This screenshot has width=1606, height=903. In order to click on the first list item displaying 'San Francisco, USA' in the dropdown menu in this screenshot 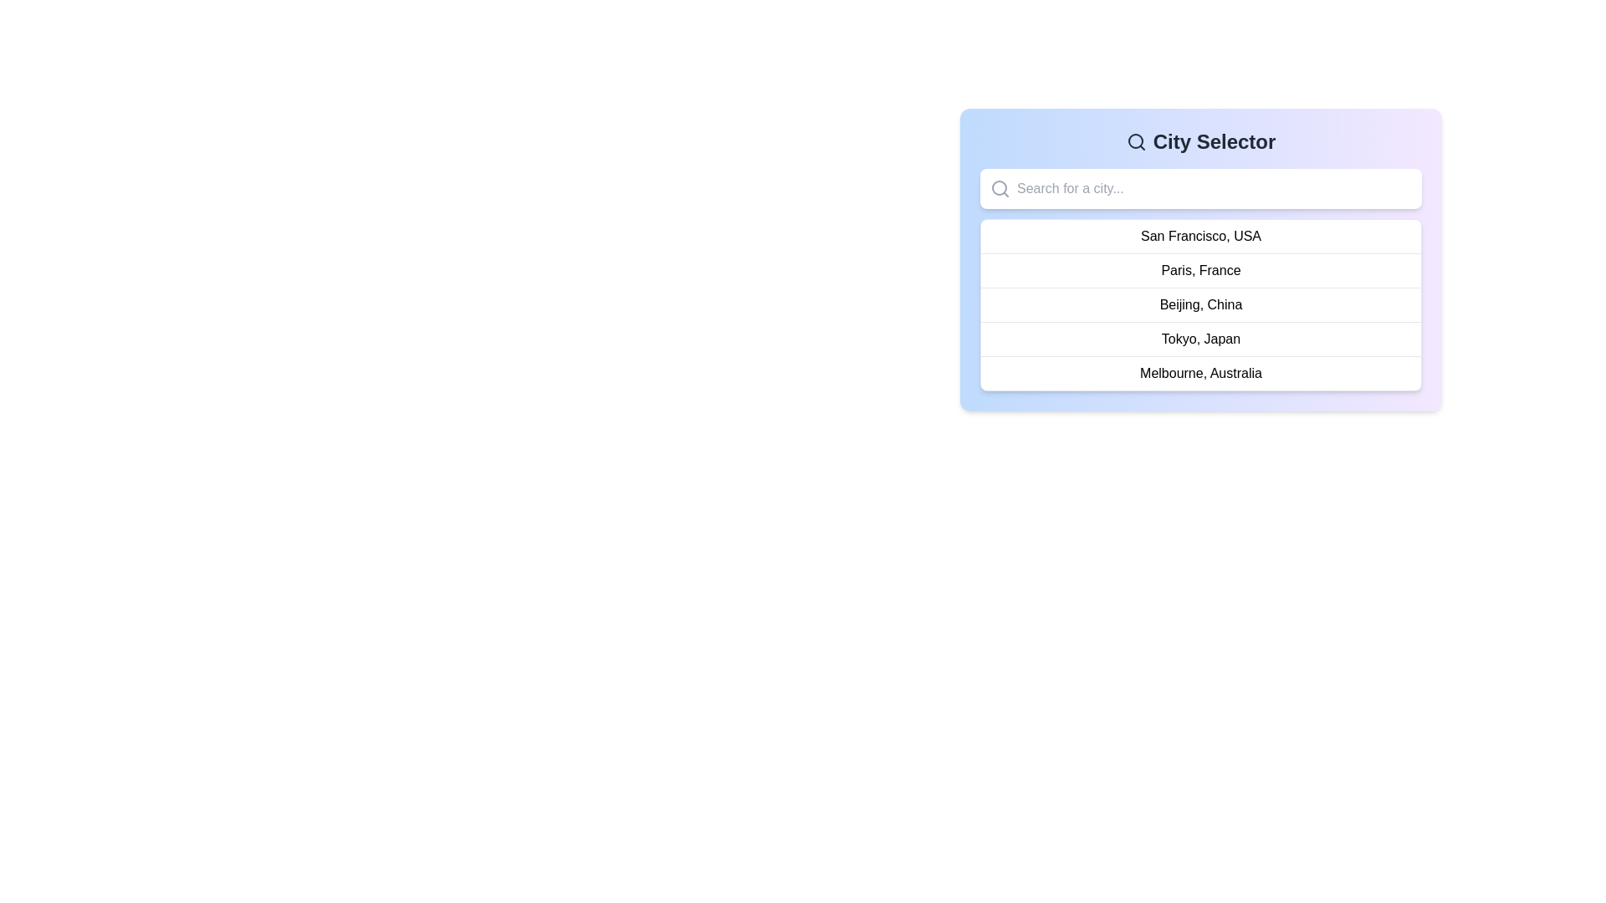, I will do `click(1199, 236)`.